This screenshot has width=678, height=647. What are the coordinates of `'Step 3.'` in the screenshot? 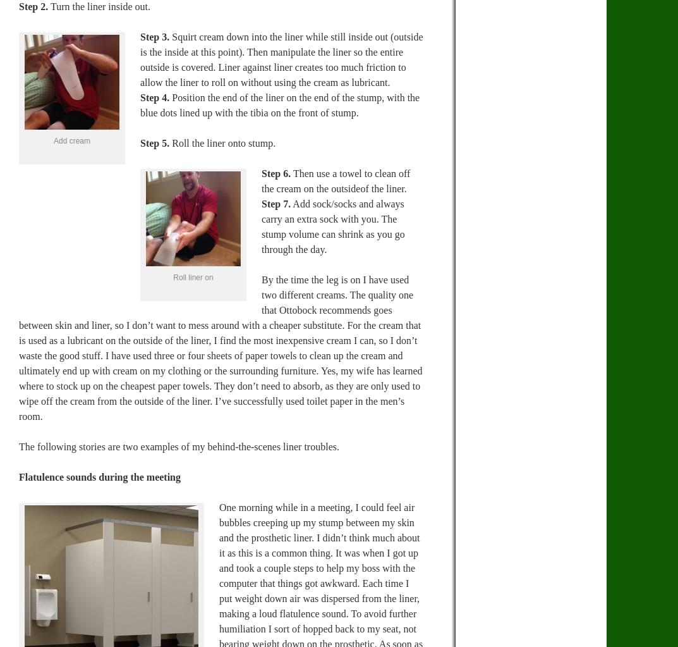 It's located at (154, 35).